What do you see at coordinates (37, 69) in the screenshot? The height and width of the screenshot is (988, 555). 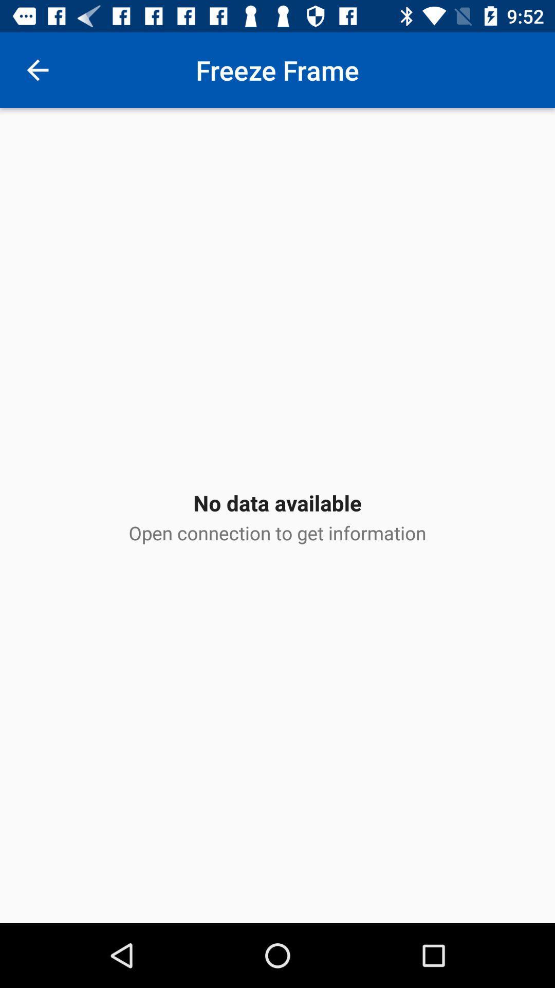 I see `the icon to the left of freeze frame icon` at bounding box center [37, 69].